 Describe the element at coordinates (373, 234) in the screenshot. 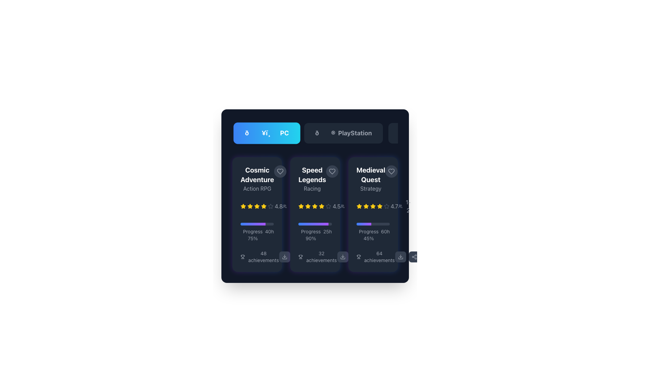

I see `the textual label displaying progress information that shows 'Progress 60h' and '45%' located in the third card of a horizontally arranged card layout` at that location.